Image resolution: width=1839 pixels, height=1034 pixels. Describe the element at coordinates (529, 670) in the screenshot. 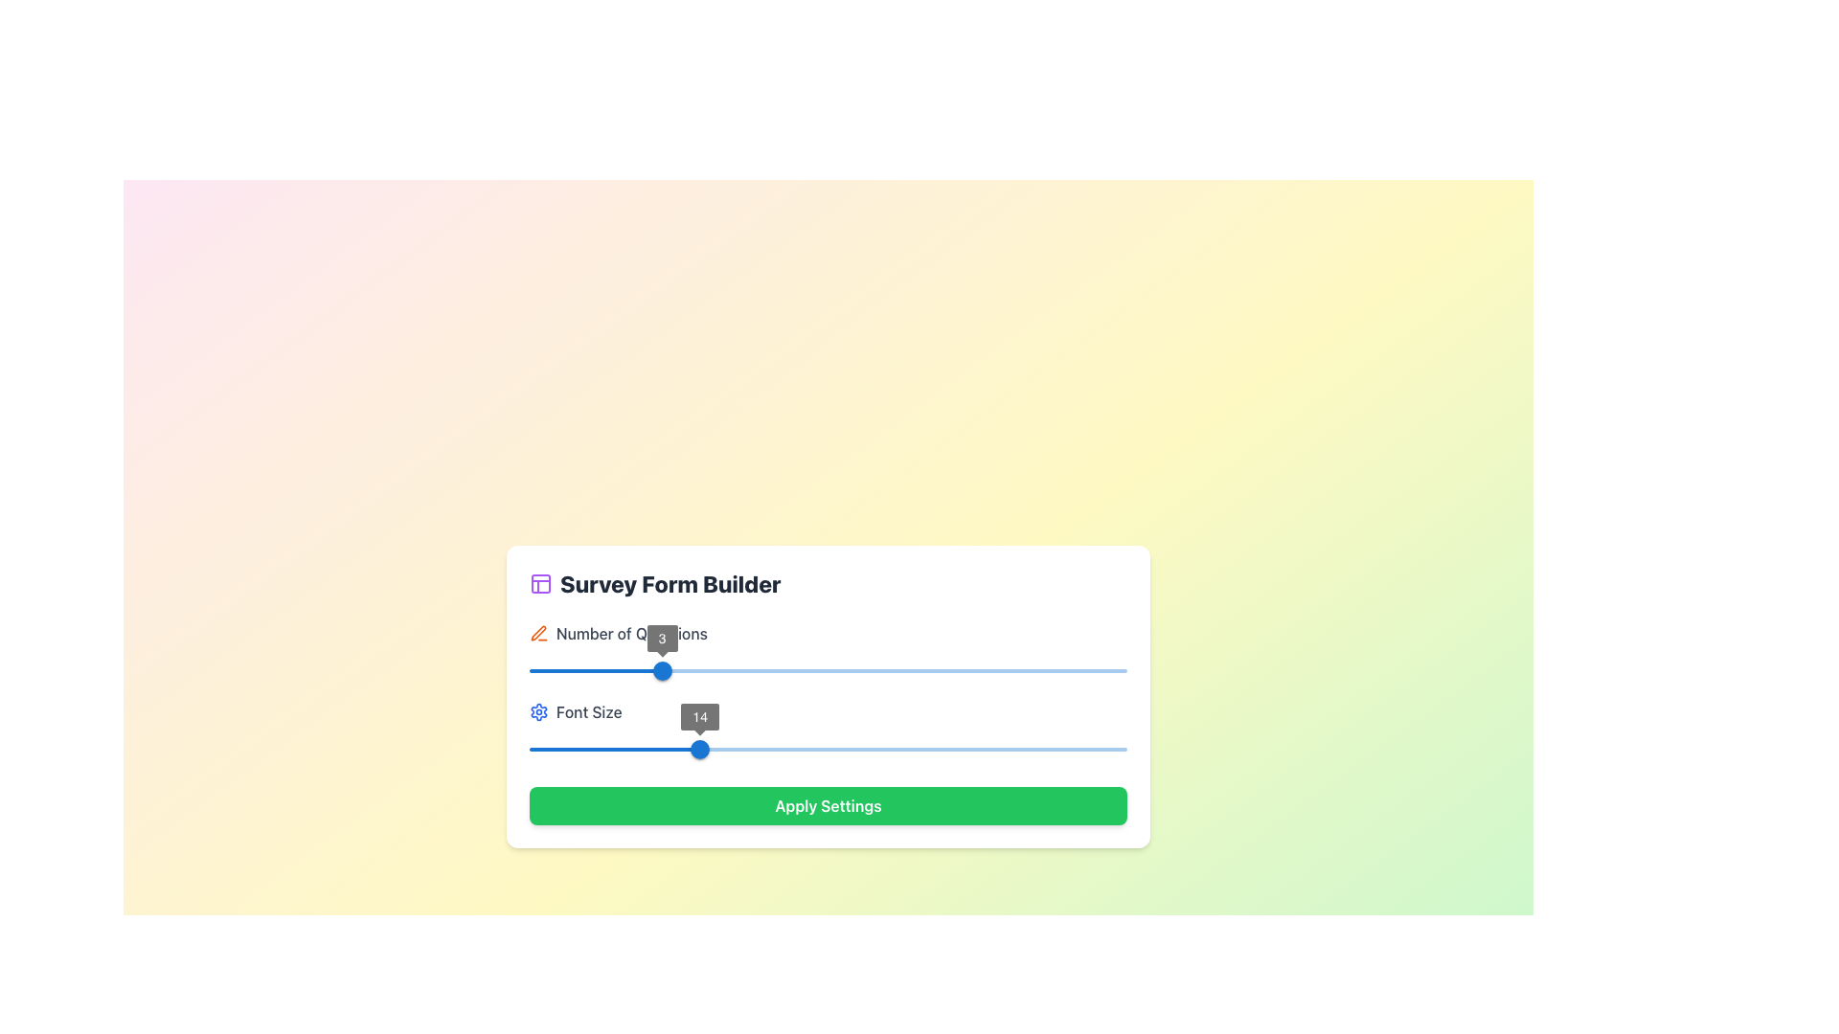

I see `the slider` at that location.